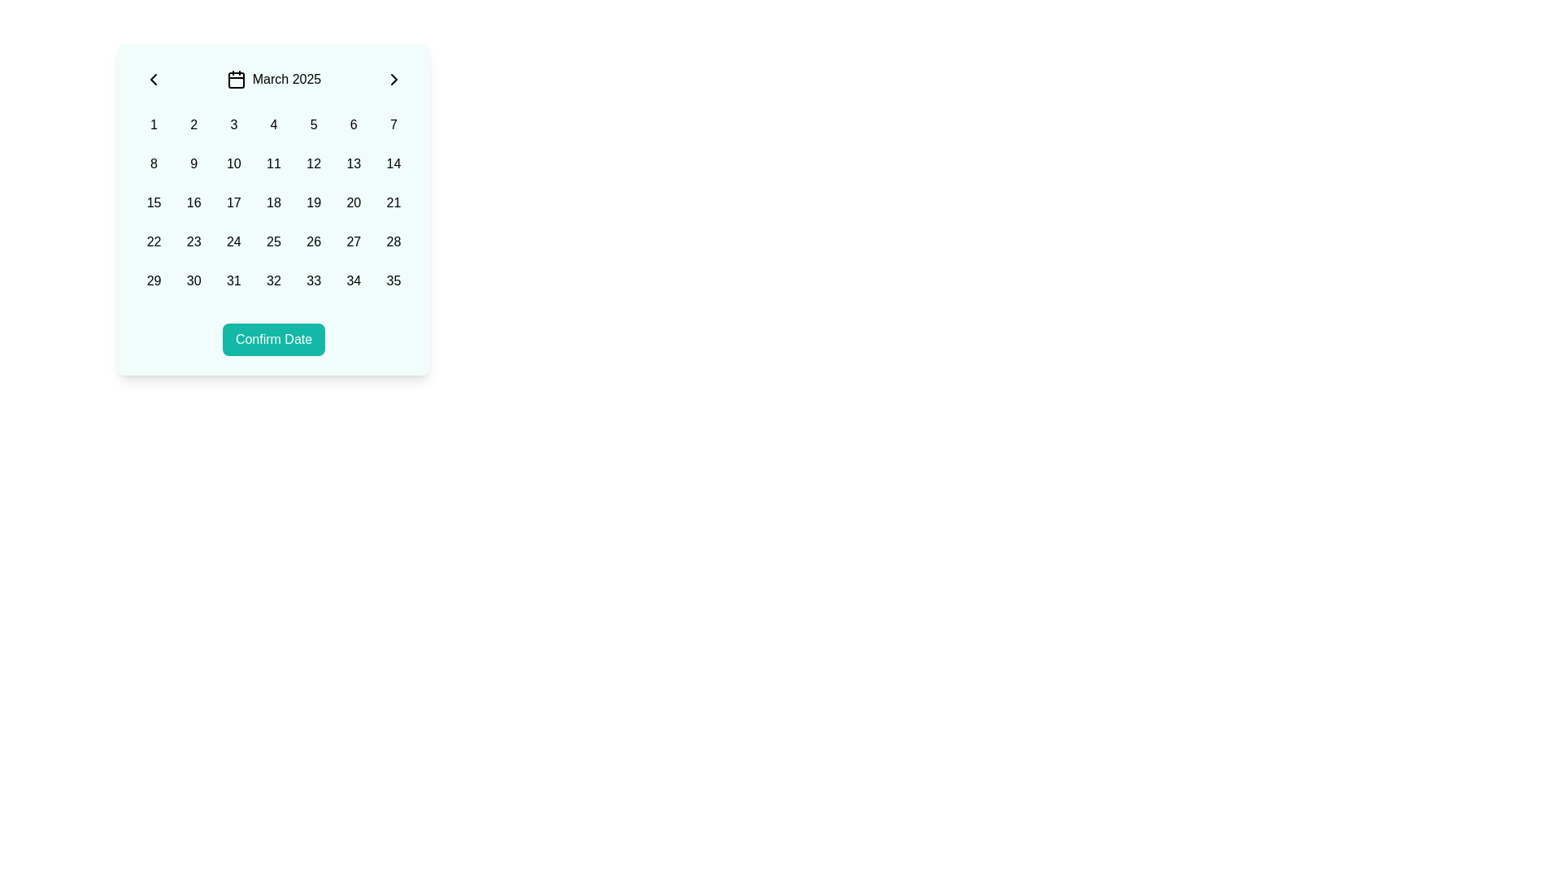 The height and width of the screenshot is (878, 1561). I want to click on the button displaying the number '26' in the fifth row and fifth column of the grid layout, so click(314, 241).